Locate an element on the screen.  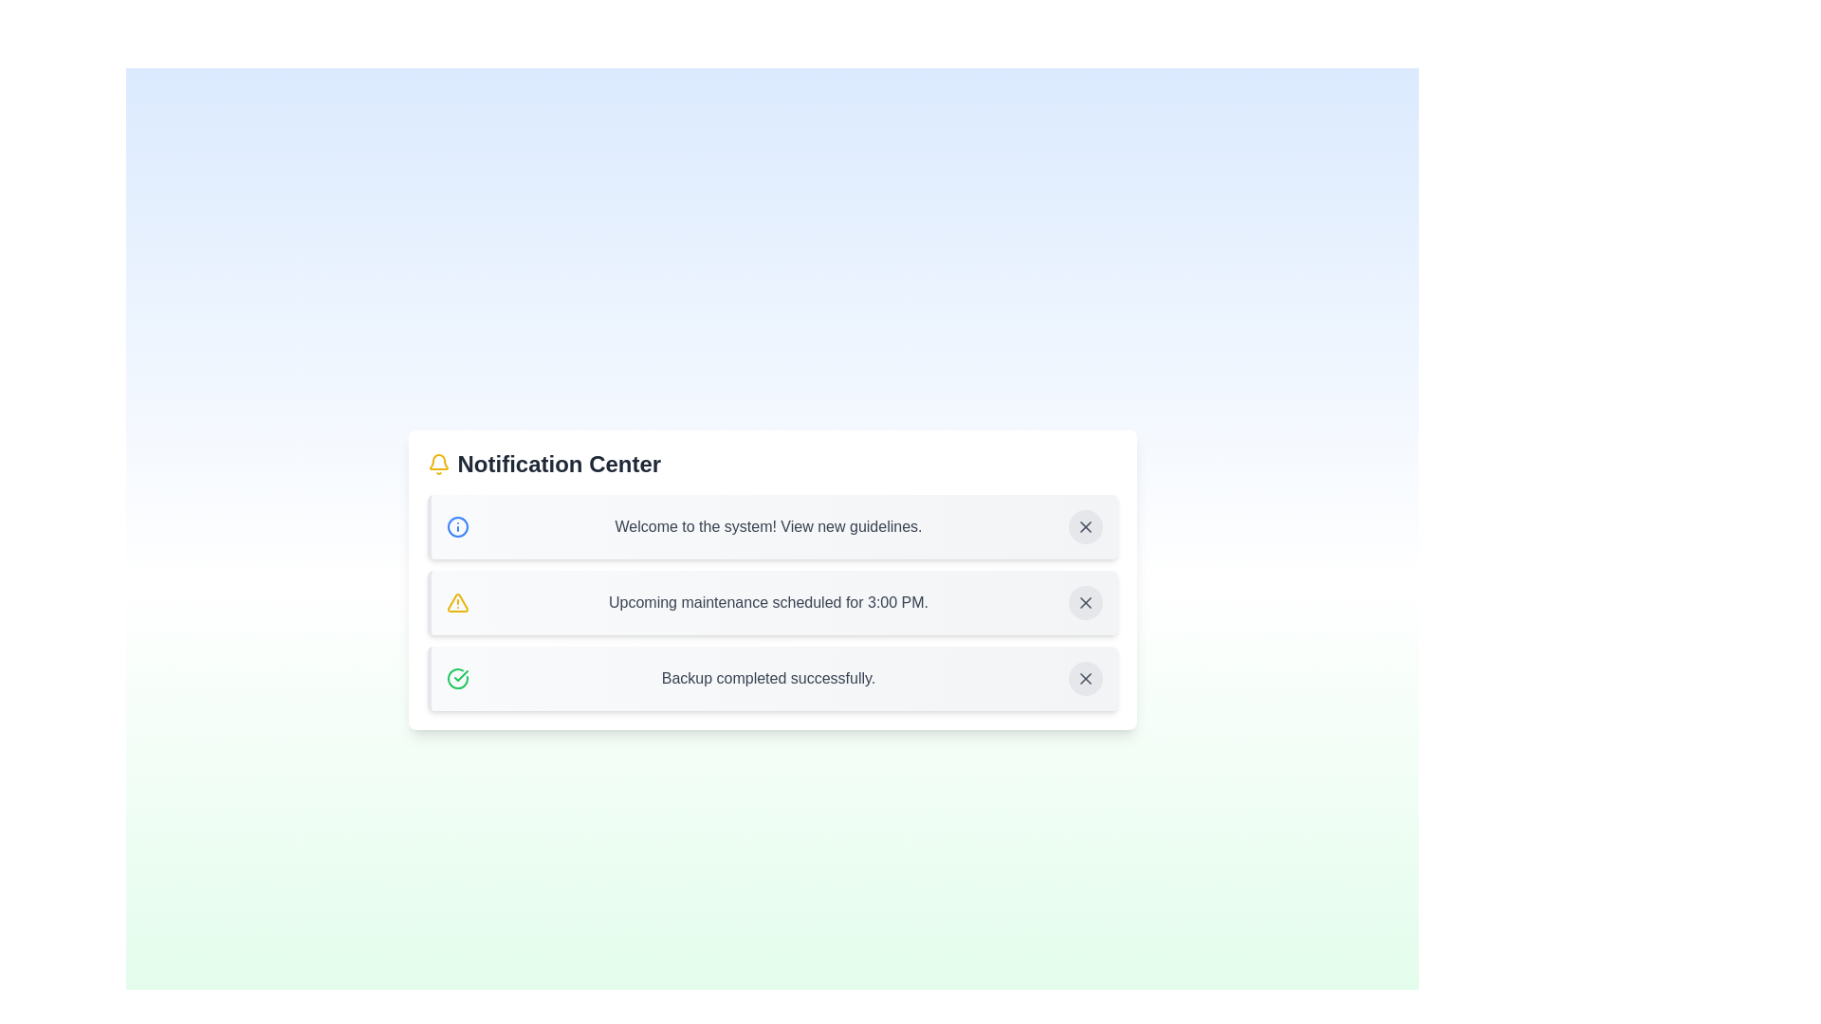
the close button on the right side of the second notification block that states 'Upcoming maintenance scheduled for 3:00 PM' is located at coordinates (1085, 603).